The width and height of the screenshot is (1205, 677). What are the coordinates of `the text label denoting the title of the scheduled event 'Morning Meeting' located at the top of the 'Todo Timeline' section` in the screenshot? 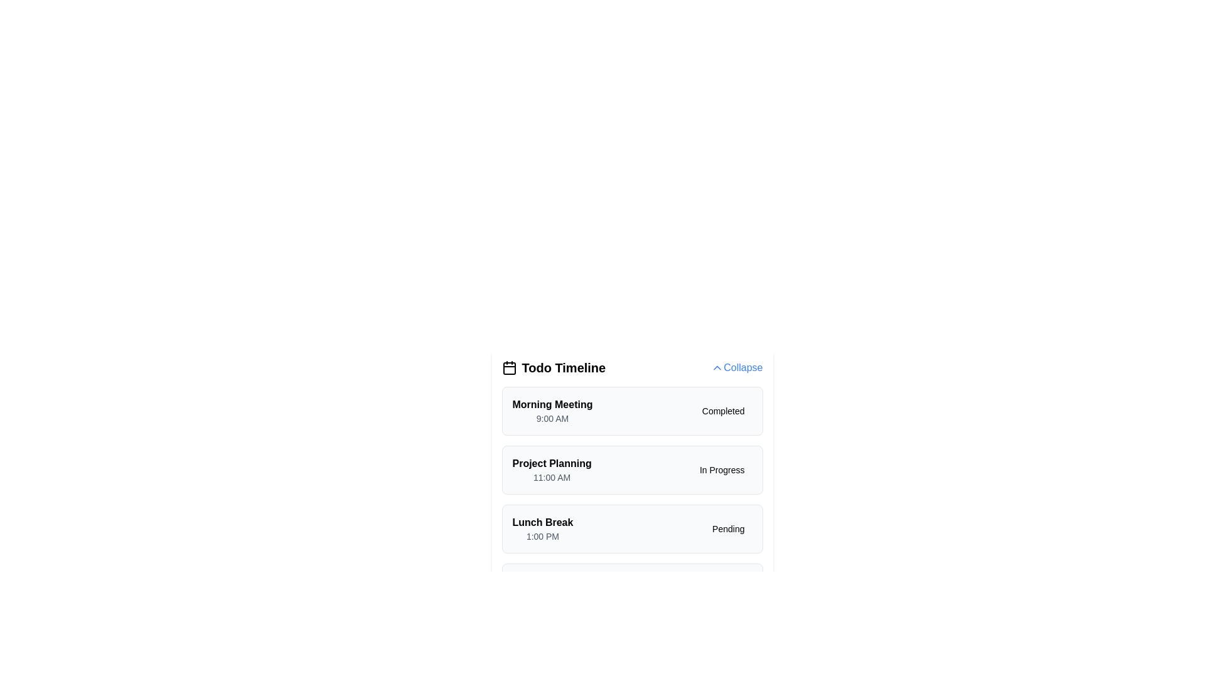 It's located at (552, 404).